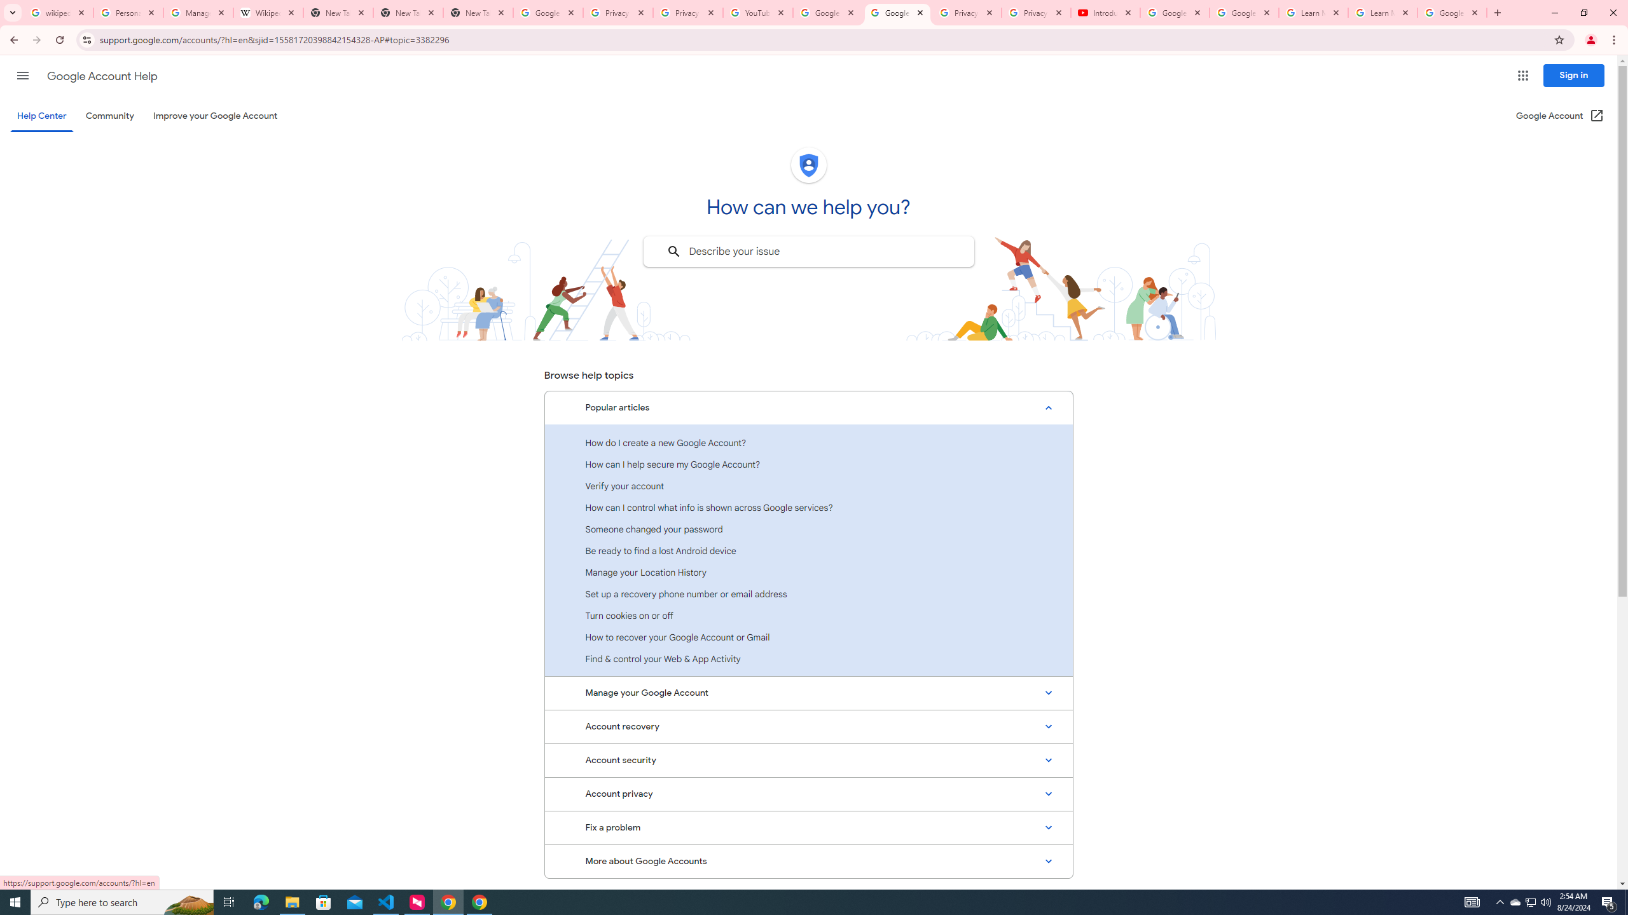 This screenshot has height=915, width=1628. What do you see at coordinates (808, 529) in the screenshot?
I see `'Someone changed your password'` at bounding box center [808, 529].